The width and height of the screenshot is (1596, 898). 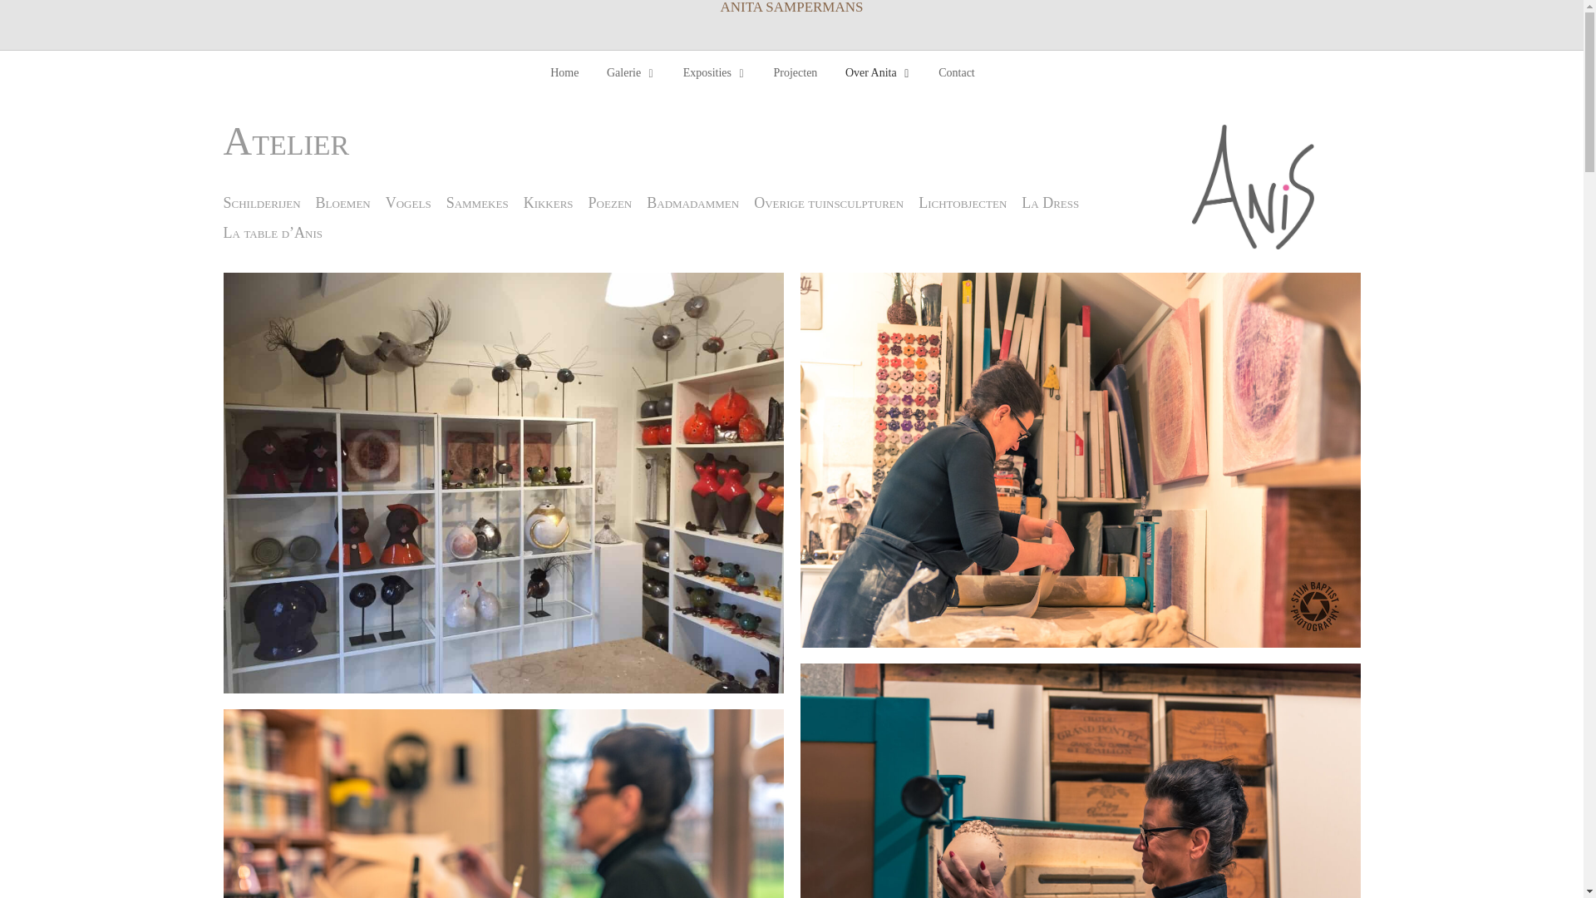 I want to click on 'Contact', so click(x=924, y=72).